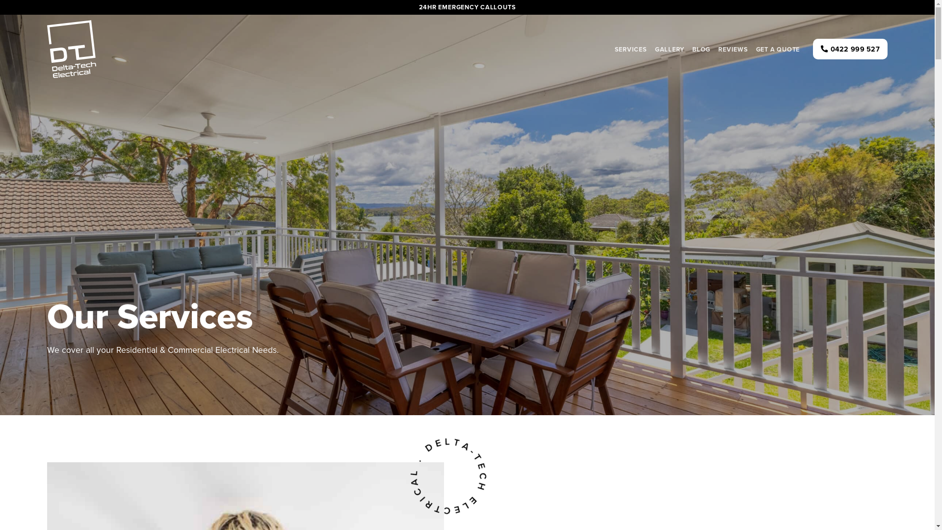  I want to click on 'GALLERY', so click(669, 49).